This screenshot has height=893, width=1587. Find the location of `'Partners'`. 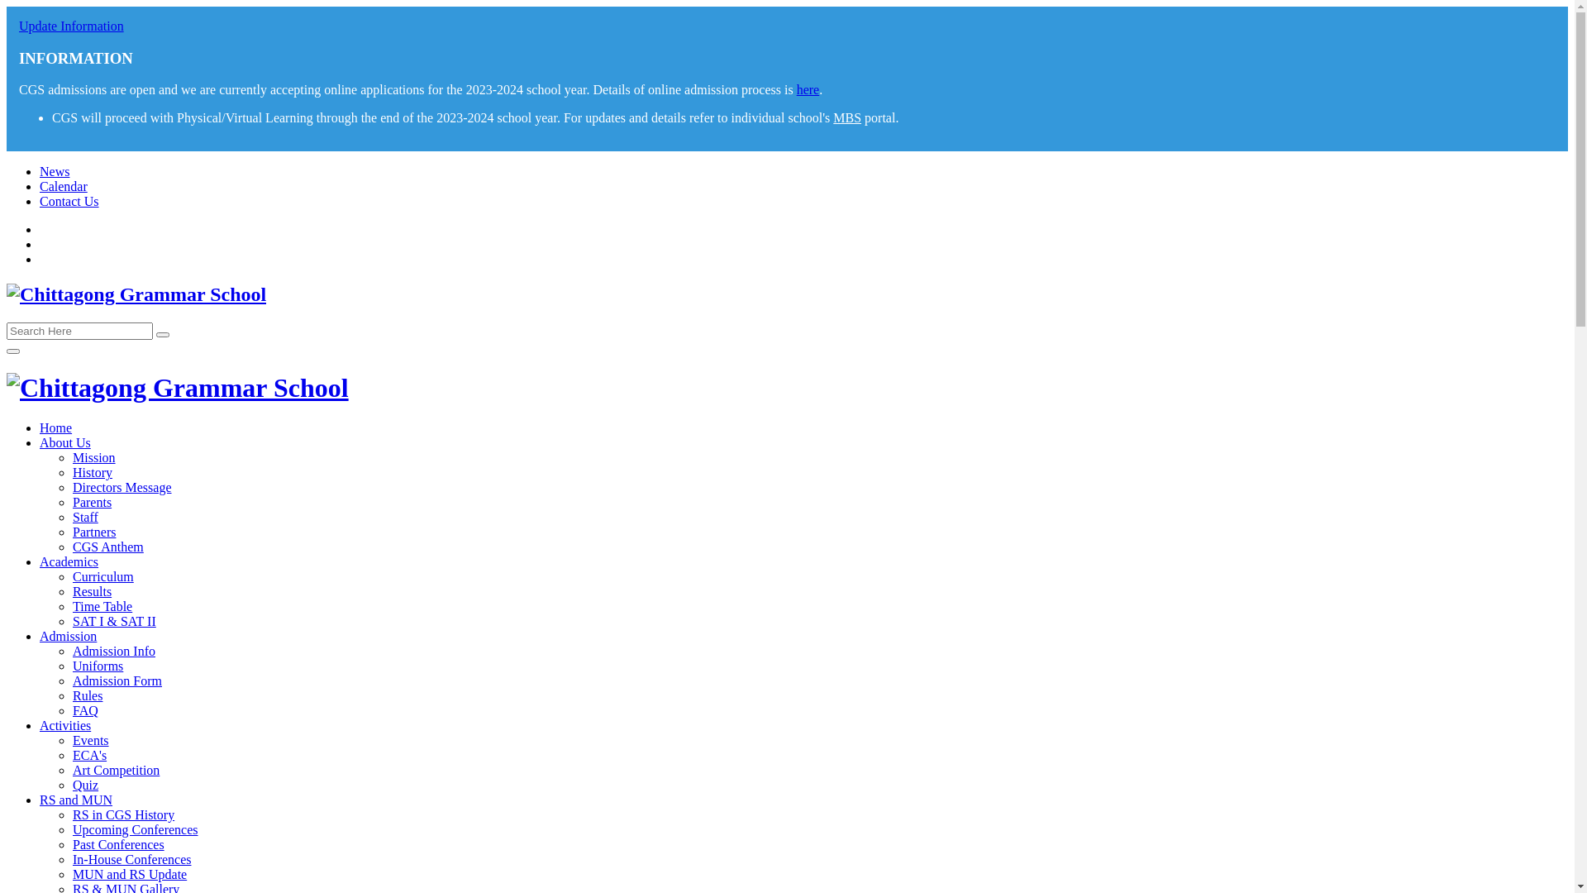

'Partners' is located at coordinates (93, 532).